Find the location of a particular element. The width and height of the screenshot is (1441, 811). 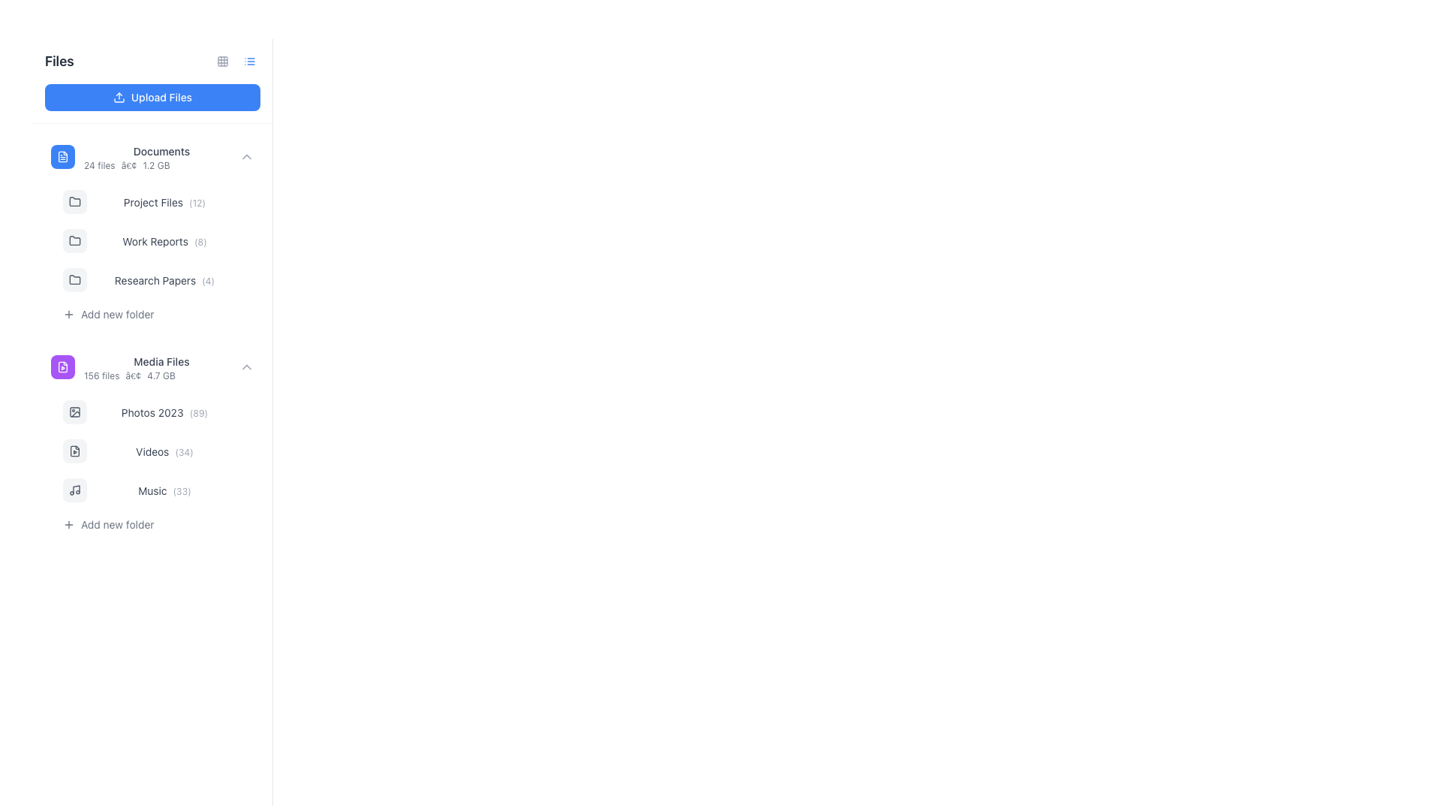

the text label named 'Work Reports' located in the Documents section, which is aligned with the count '(8)' and is the third element after 'Project Files' is located at coordinates (155, 240).